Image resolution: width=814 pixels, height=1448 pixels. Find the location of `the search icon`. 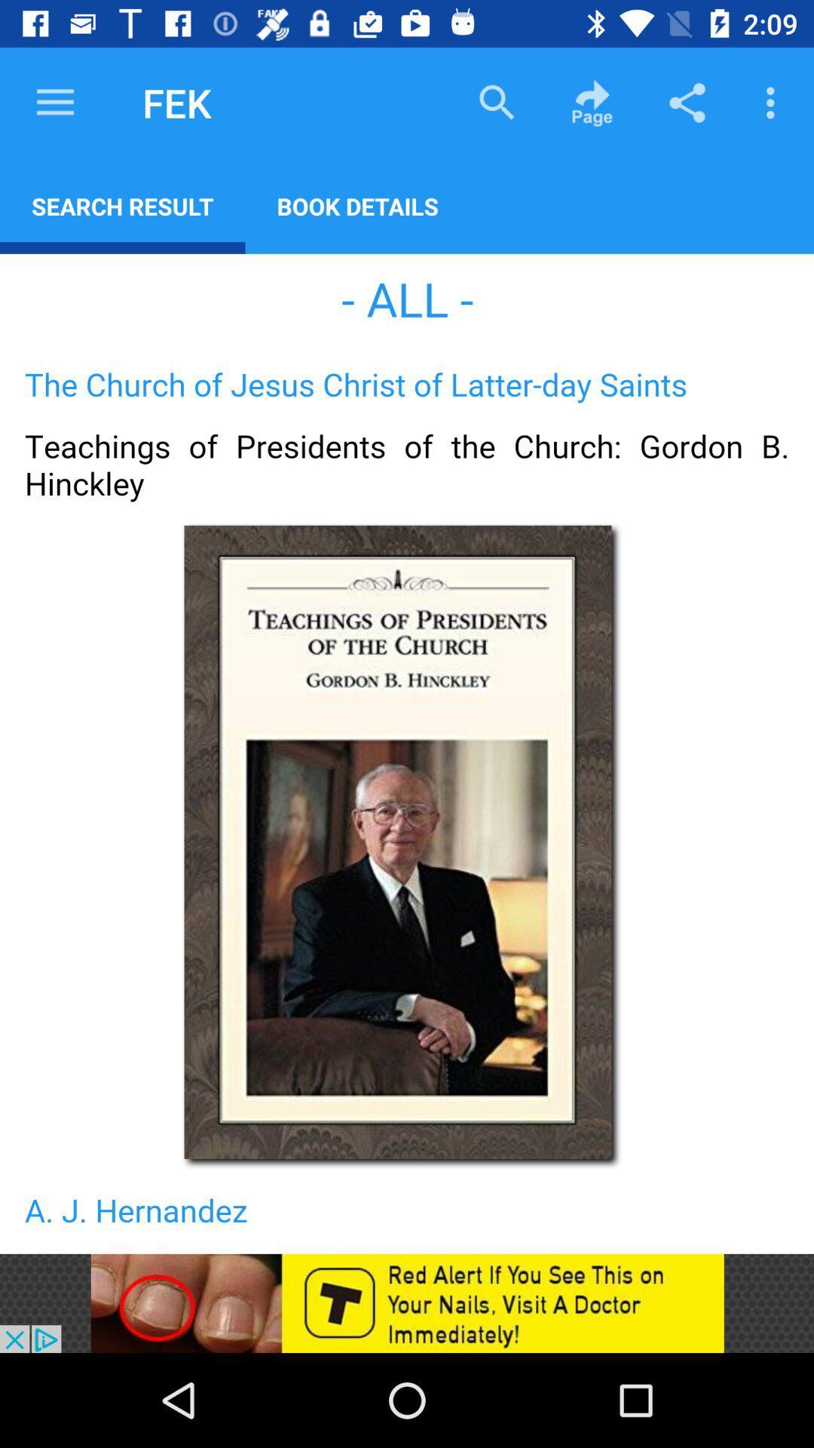

the search icon is located at coordinates (497, 102).